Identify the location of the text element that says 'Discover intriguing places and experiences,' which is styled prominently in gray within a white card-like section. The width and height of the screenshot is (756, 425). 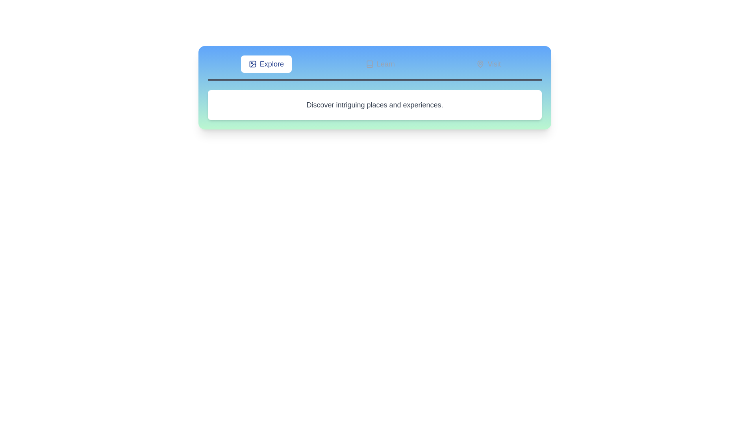
(374, 104).